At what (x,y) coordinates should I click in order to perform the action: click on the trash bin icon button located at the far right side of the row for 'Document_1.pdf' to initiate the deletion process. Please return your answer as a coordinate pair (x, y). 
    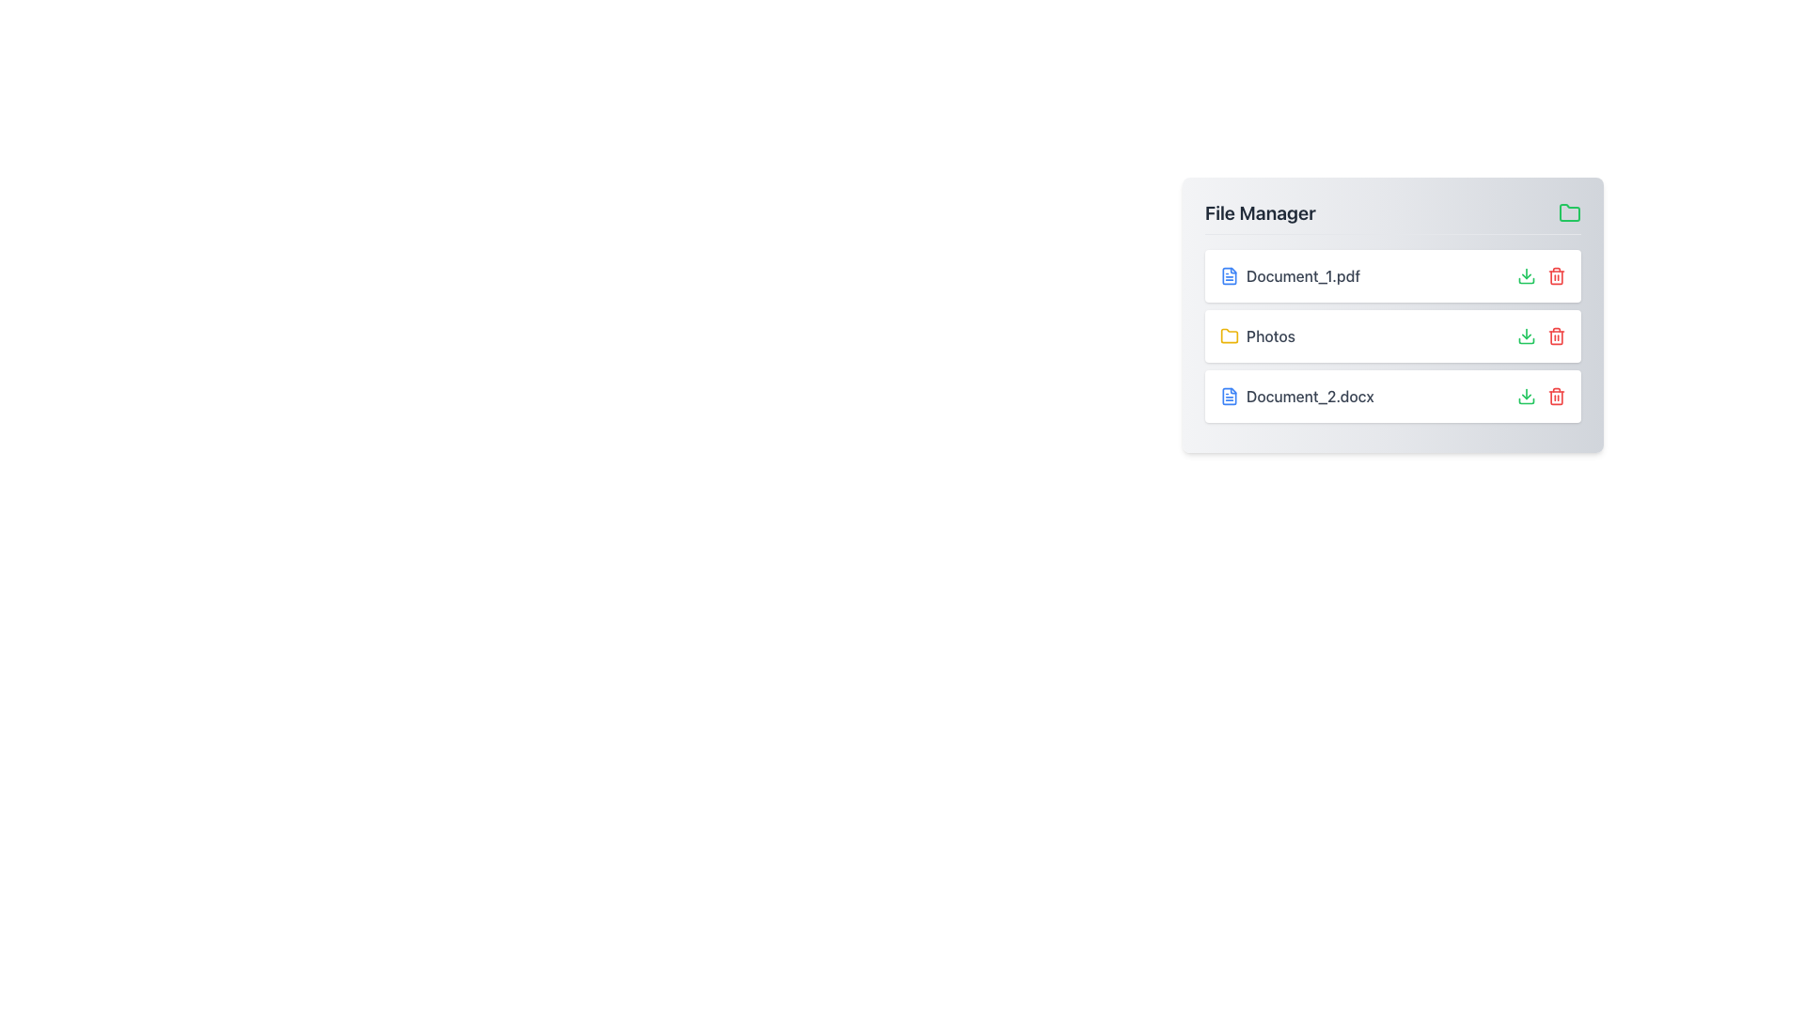
    Looking at the image, I should click on (1557, 275).